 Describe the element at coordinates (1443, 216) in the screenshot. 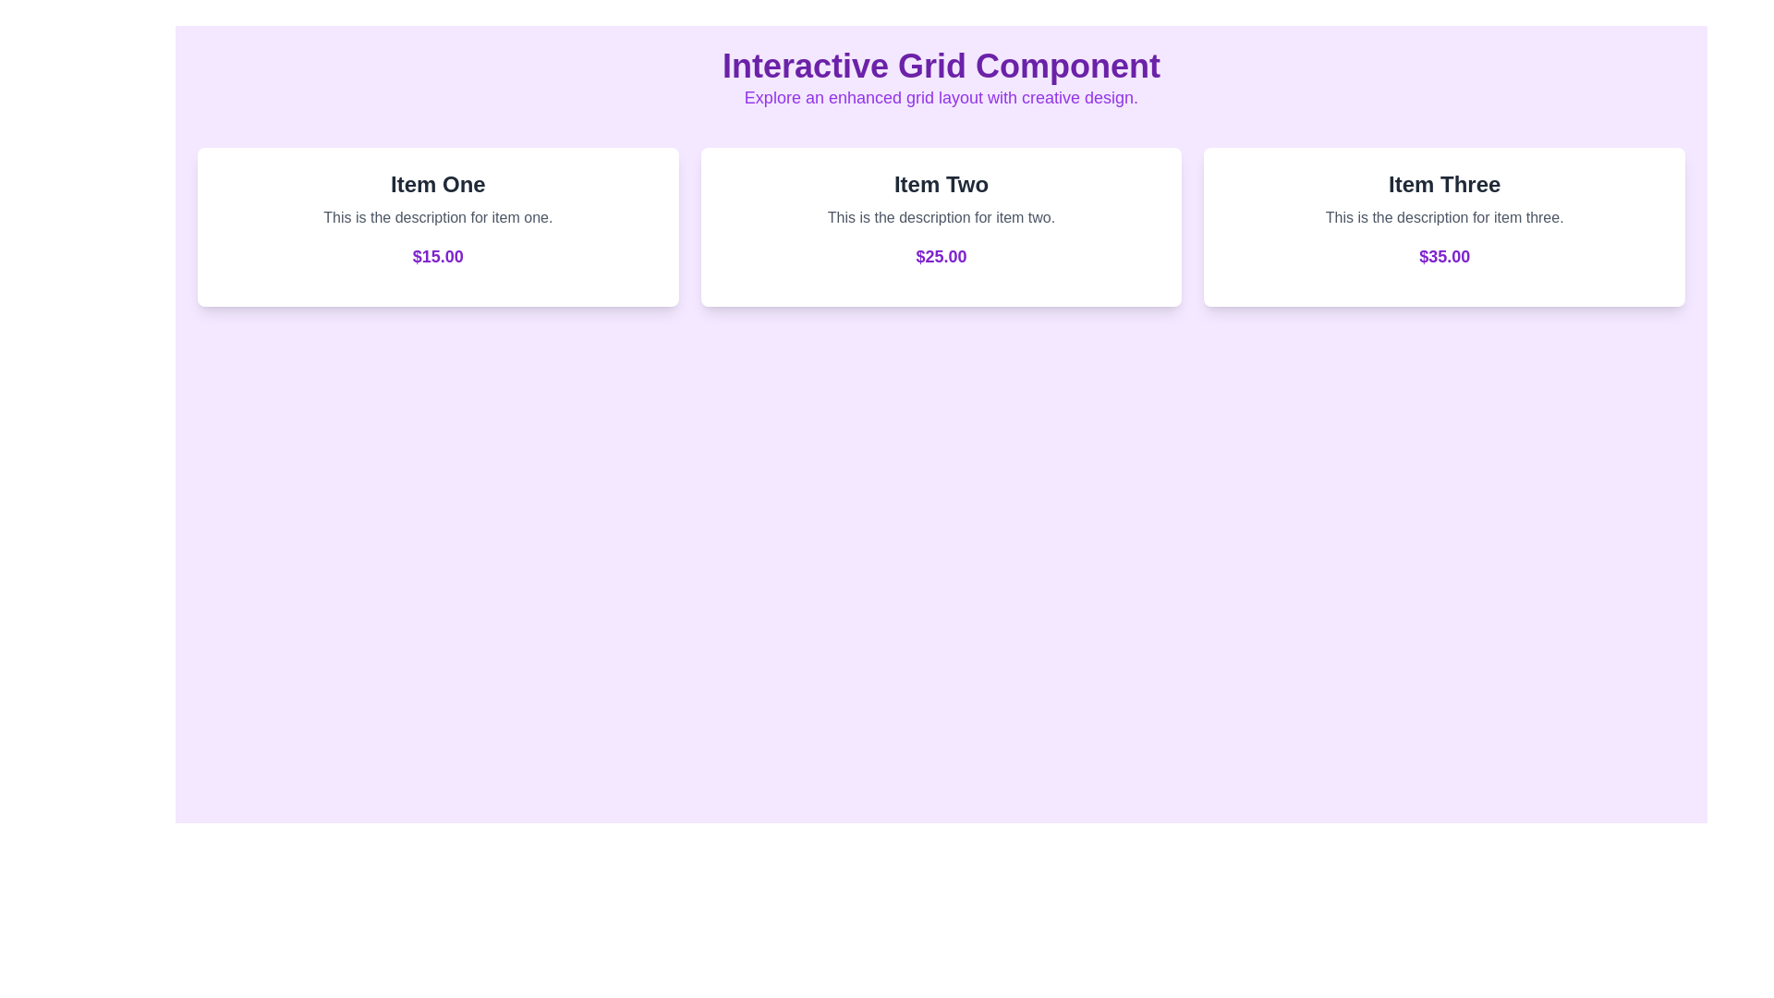

I see `text label displaying 'This is the description for item three.' located under the title 'Item Three' in the rightmost card of a three-card layout` at that location.